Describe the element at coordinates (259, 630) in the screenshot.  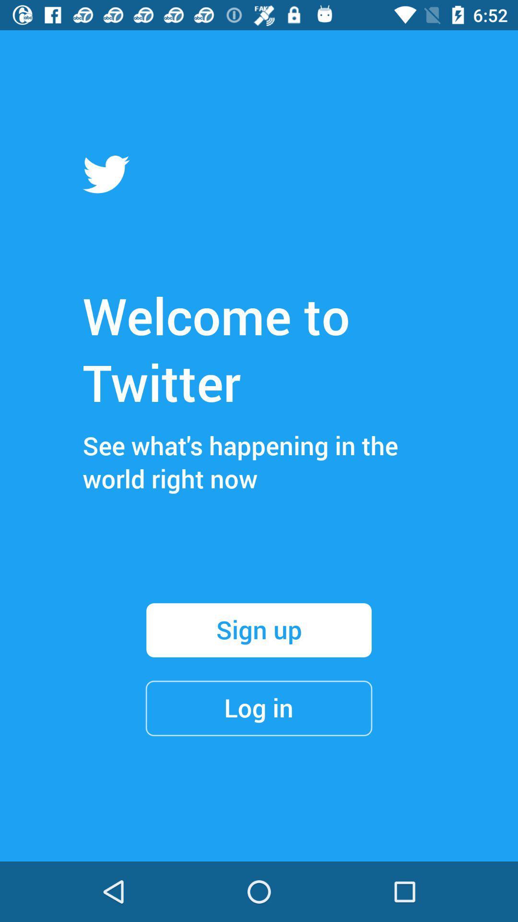
I see `sign up item` at that location.